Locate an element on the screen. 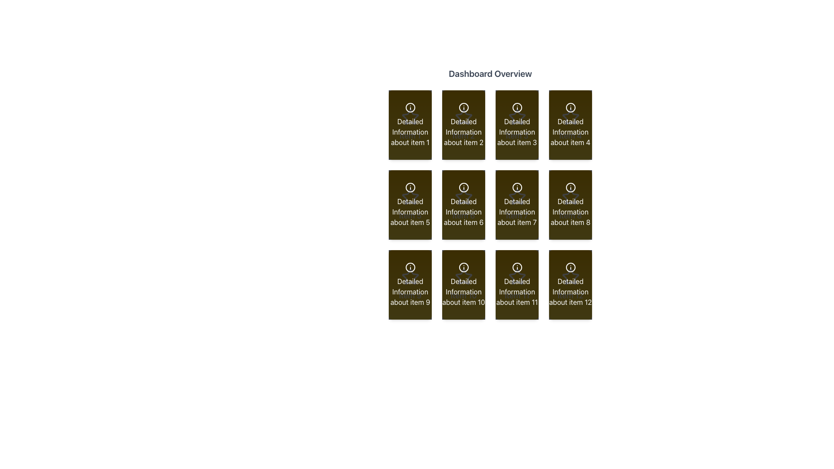 The image size is (834, 469). the informational indicator icon for item 12 in the bottom-right corner of the 3x4 grid is located at coordinates (570, 267).